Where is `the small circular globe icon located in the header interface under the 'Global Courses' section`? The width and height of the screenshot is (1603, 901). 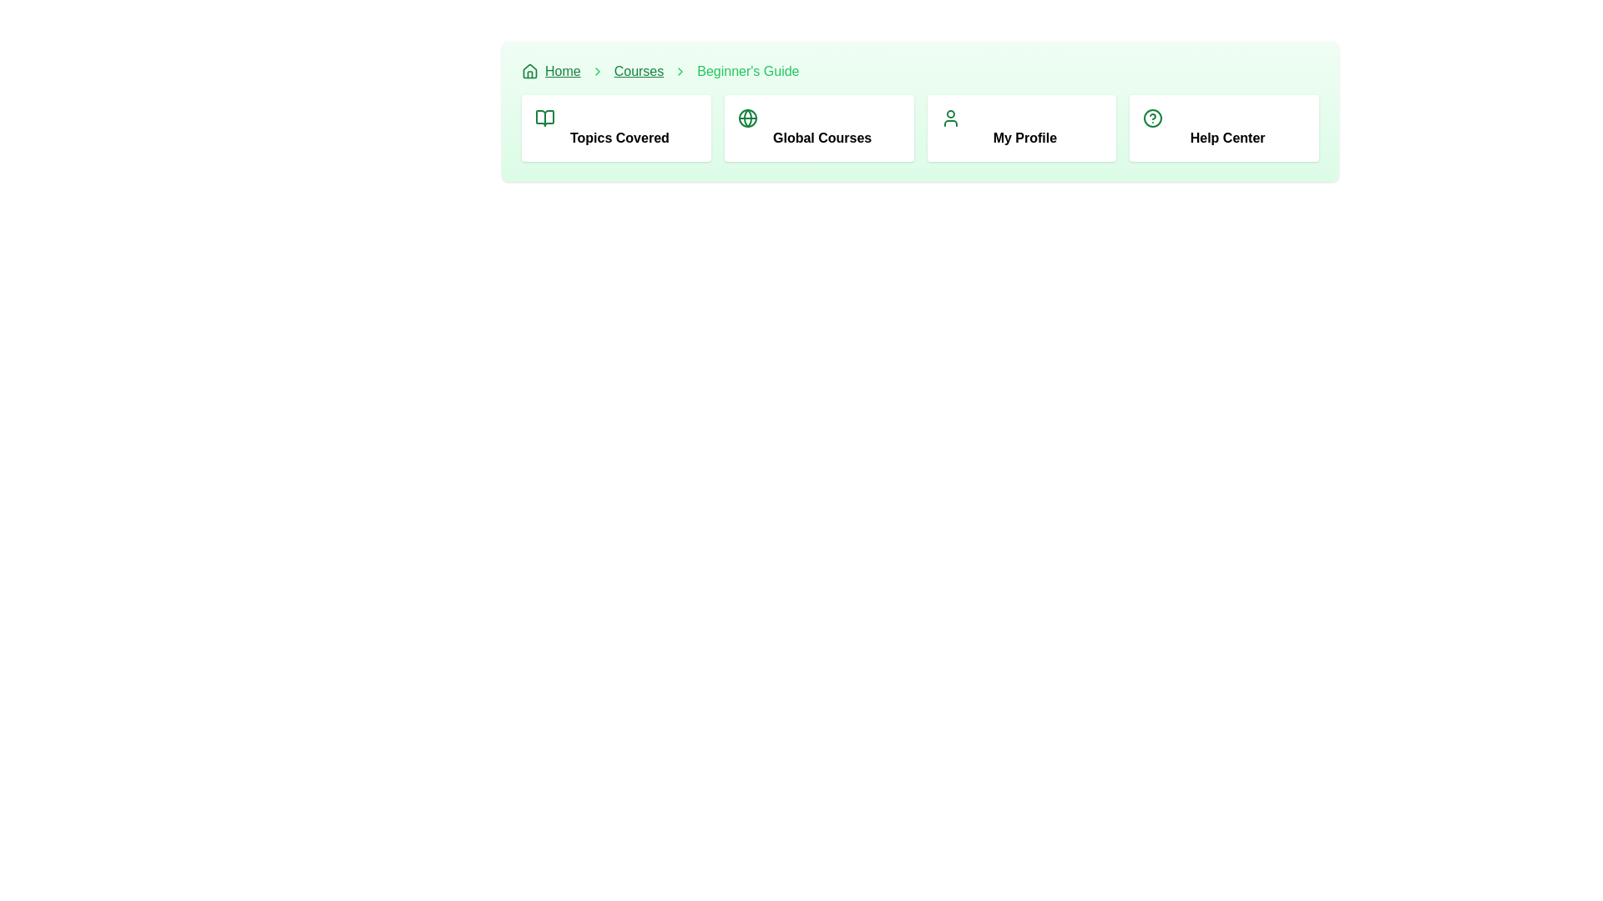 the small circular globe icon located in the header interface under the 'Global Courses' section is located at coordinates (746, 118).